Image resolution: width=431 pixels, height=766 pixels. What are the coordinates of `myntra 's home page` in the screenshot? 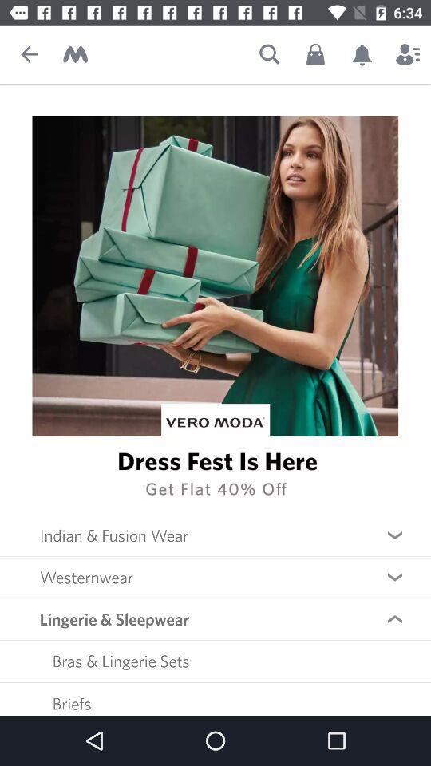 It's located at (74, 54).